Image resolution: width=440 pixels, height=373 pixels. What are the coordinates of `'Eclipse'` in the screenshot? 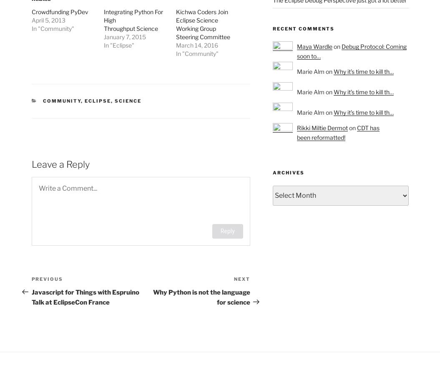 It's located at (97, 101).